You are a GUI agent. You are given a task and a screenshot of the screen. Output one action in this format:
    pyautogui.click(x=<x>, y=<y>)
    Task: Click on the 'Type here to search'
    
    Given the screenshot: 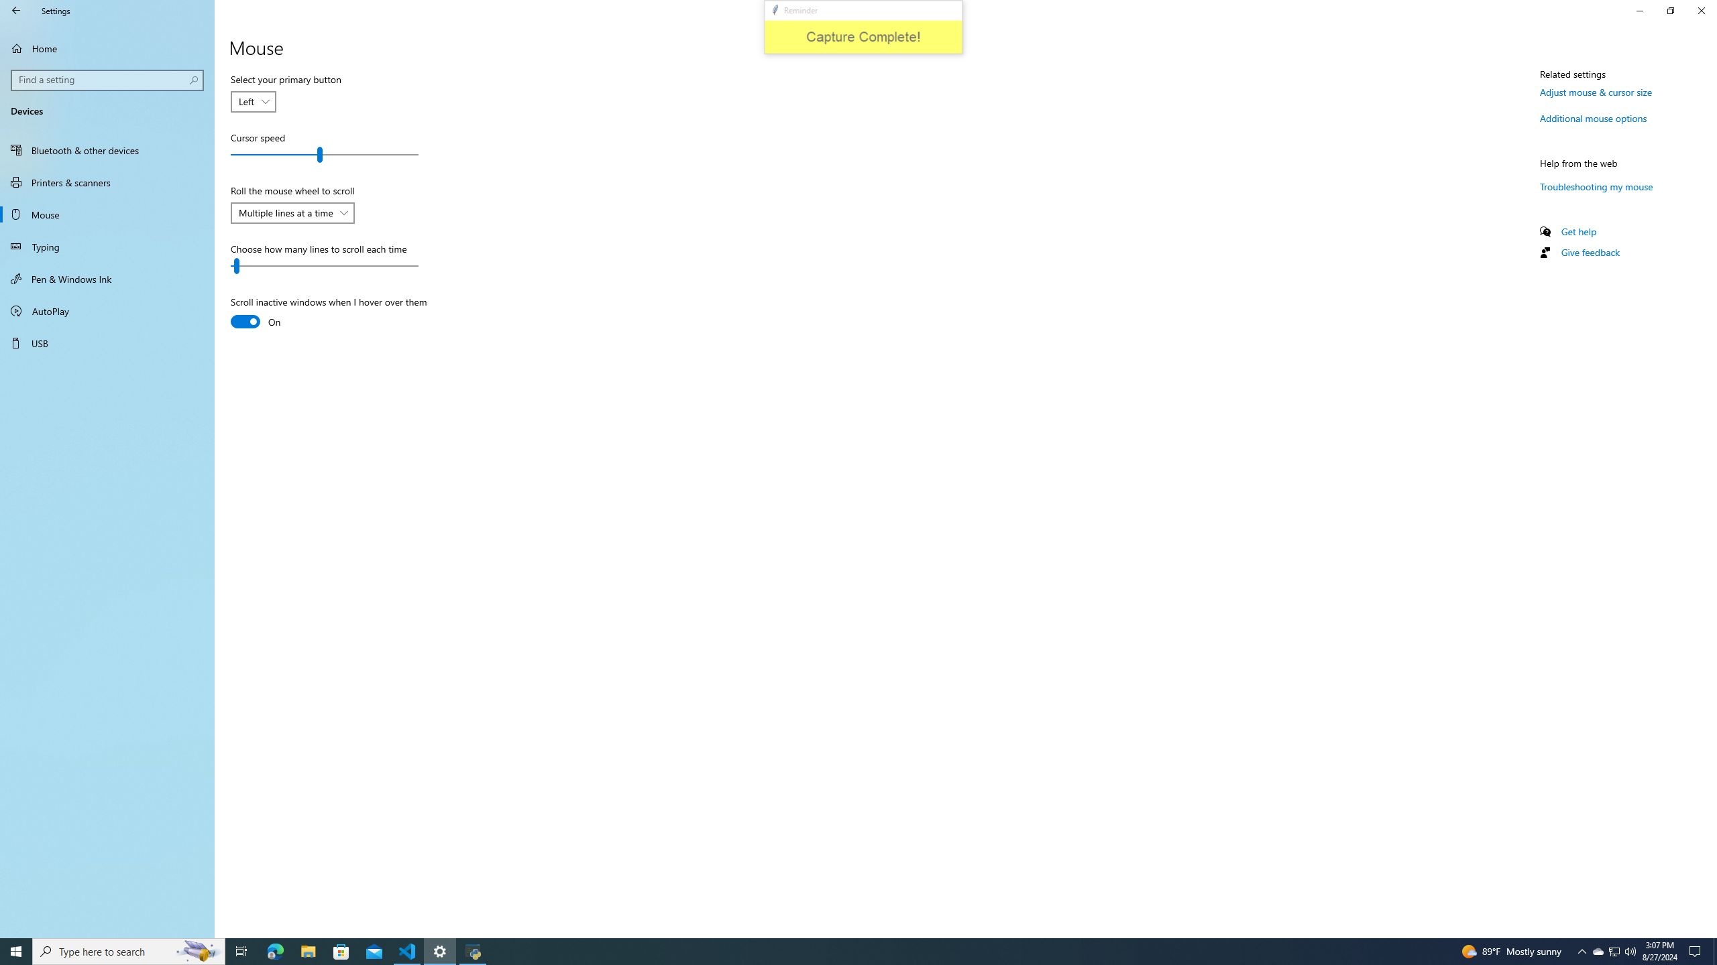 What is the action you would take?
    pyautogui.click(x=128, y=950)
    